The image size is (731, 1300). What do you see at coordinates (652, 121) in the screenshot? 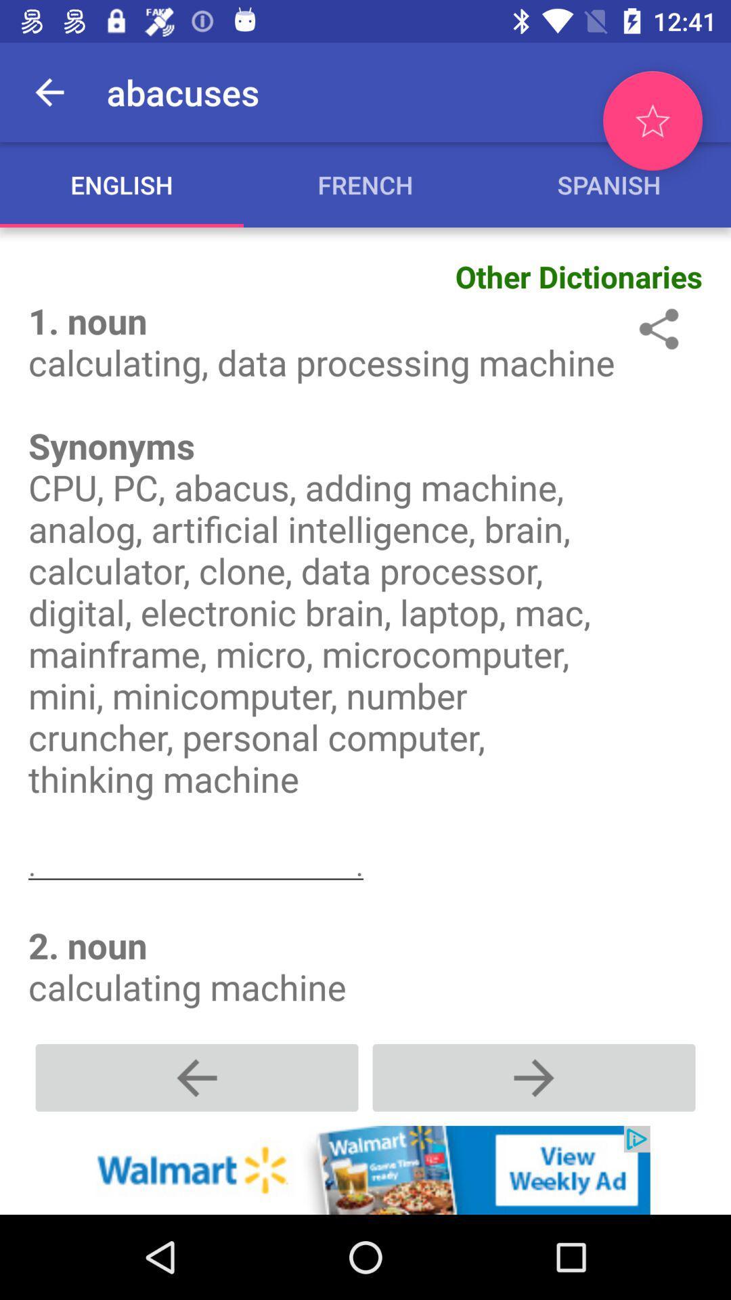
I see `favorite` at bounding box center [652, 121].